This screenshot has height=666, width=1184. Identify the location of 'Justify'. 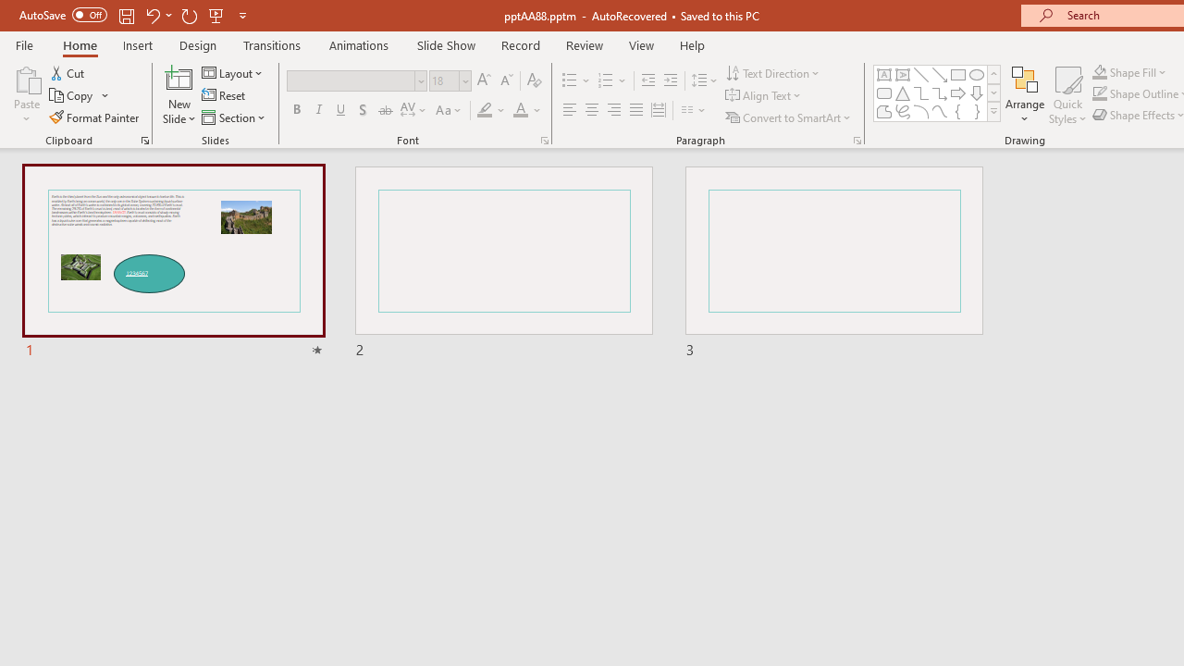
(636, 110).